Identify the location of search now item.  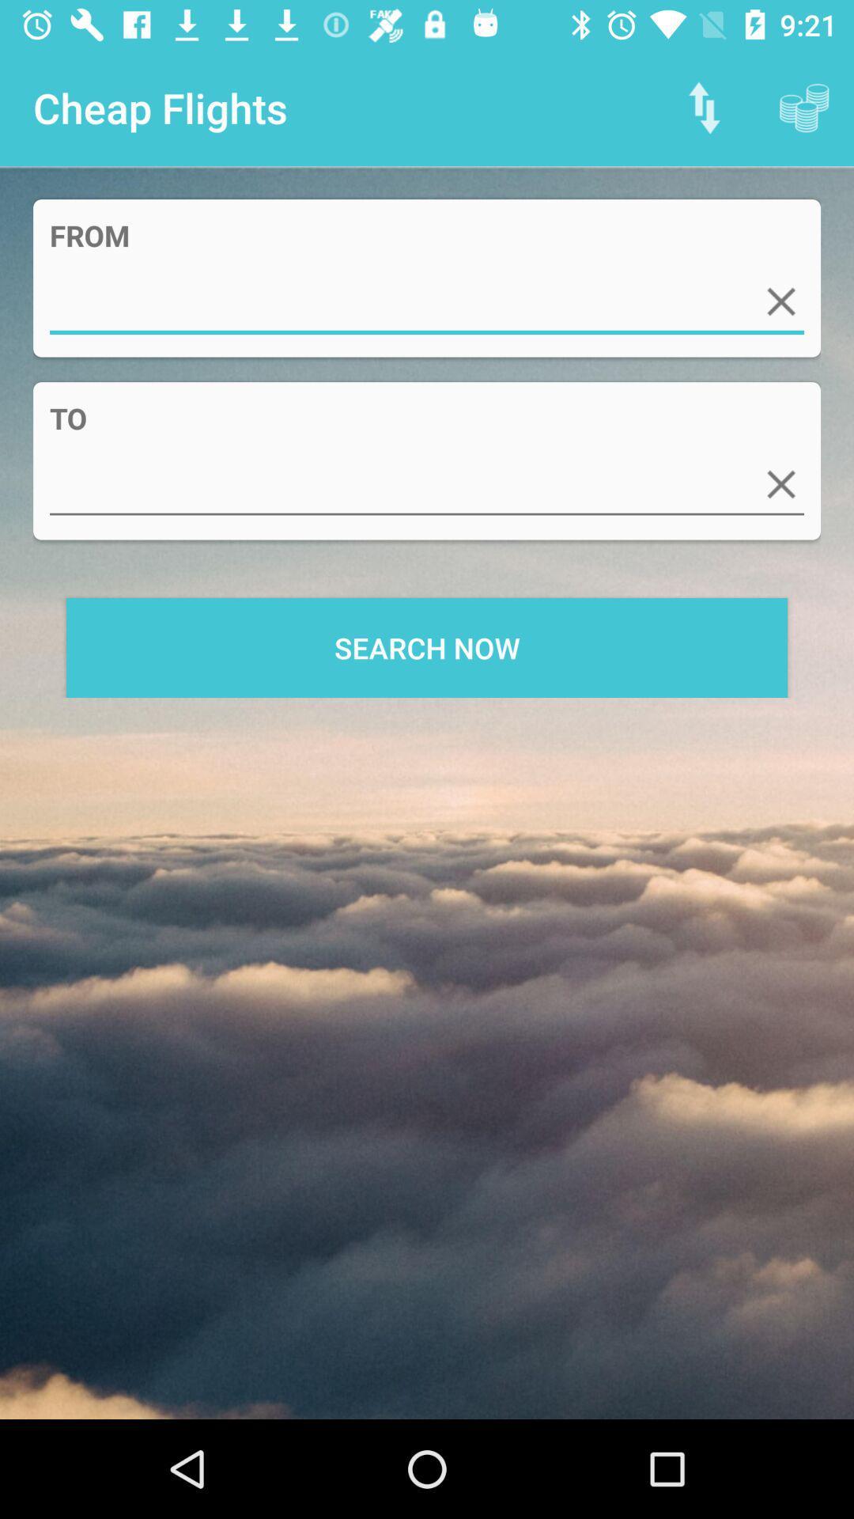
(427, 648).